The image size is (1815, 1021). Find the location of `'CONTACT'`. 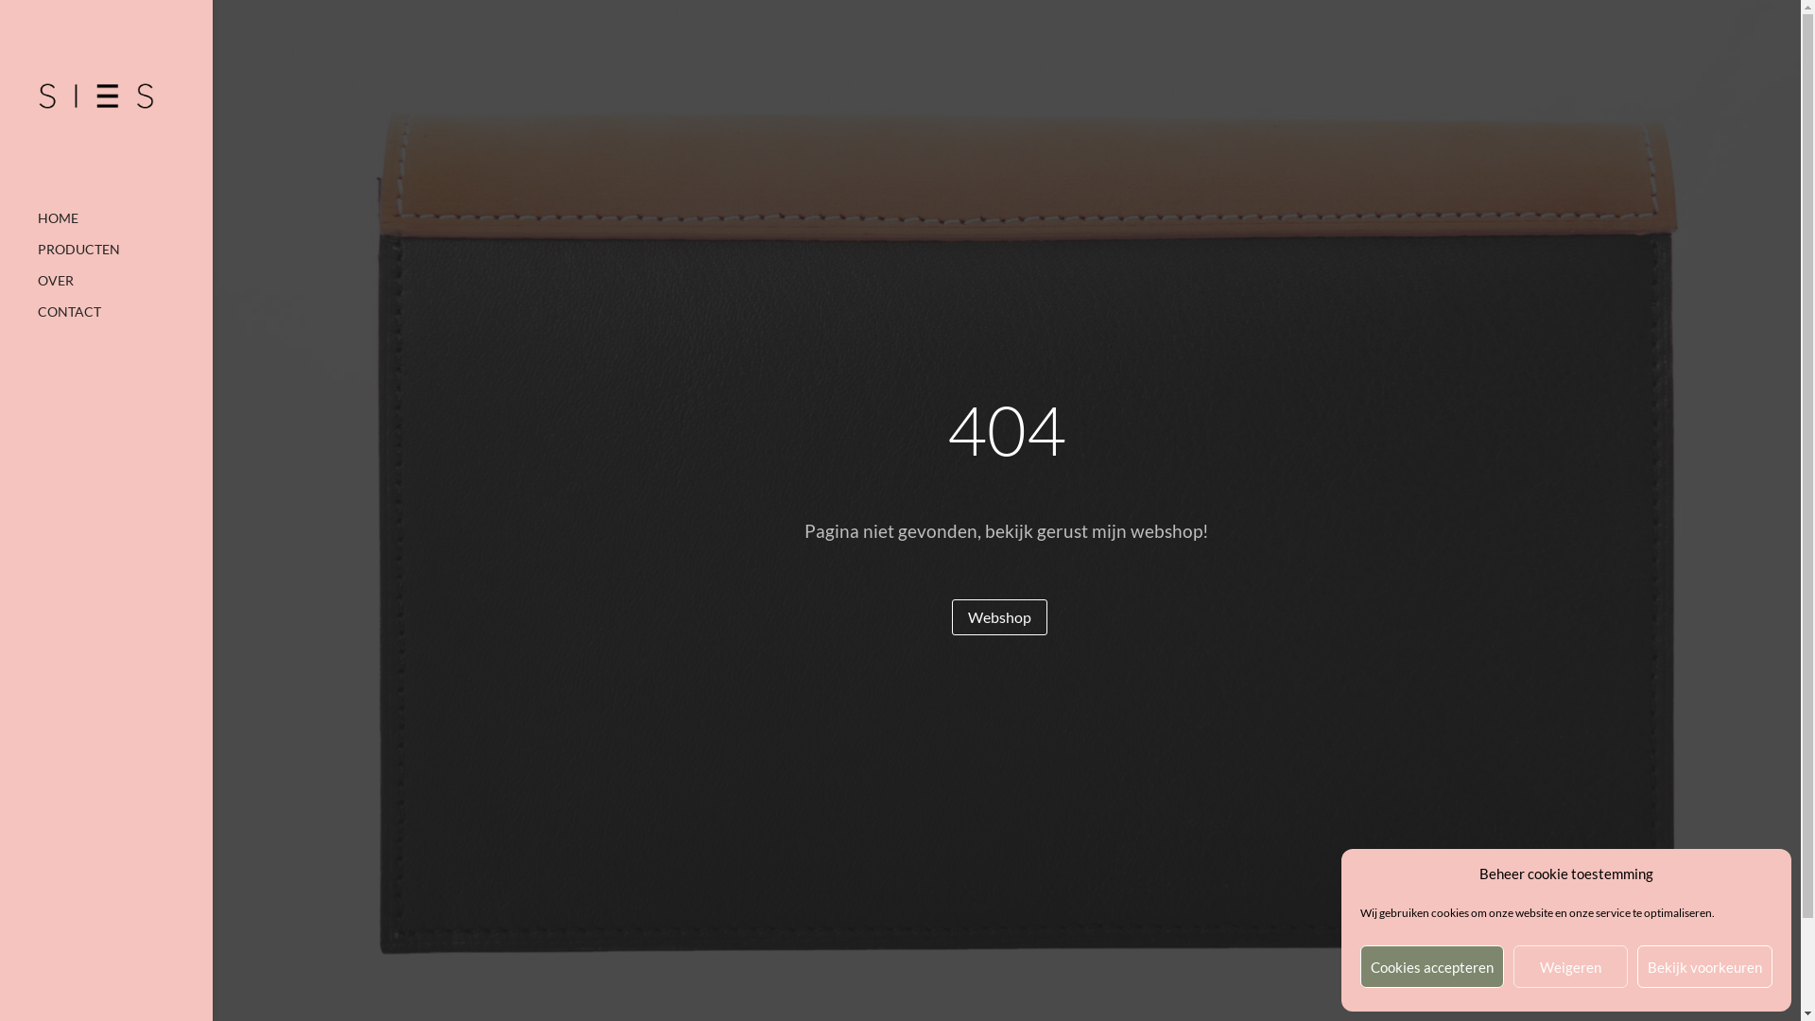

'CONTACT' is located at coordinates (124, 320).